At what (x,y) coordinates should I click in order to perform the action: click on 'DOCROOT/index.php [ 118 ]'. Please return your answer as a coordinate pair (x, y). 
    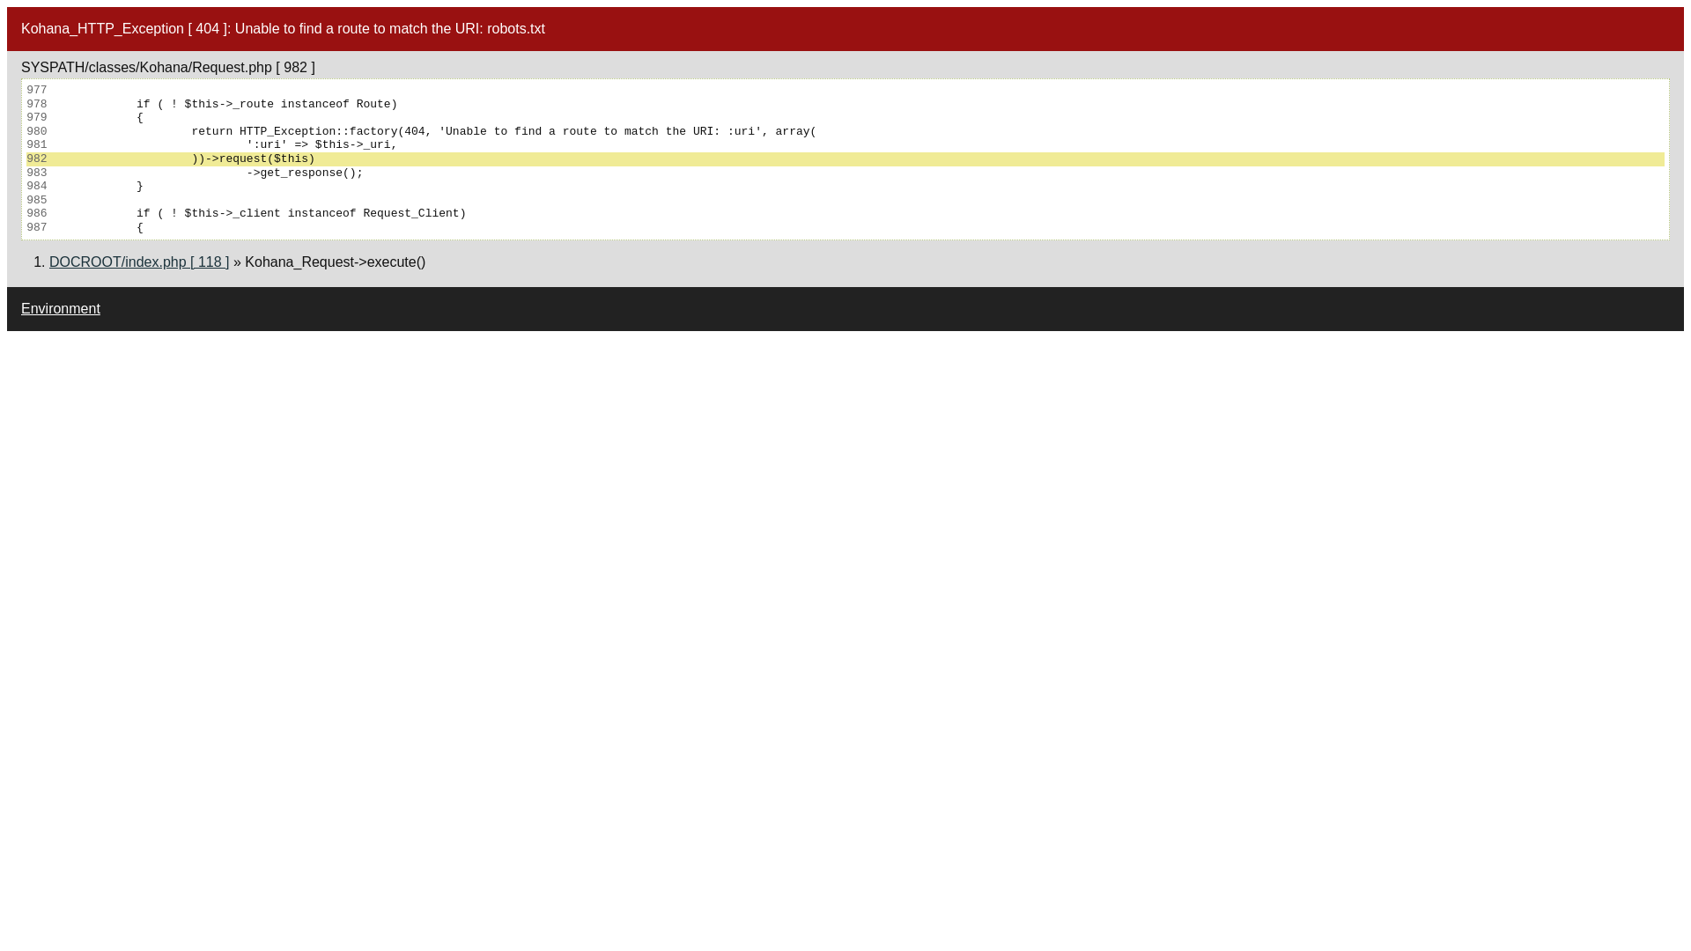
    Looking at the image, I should click on (138, 262).